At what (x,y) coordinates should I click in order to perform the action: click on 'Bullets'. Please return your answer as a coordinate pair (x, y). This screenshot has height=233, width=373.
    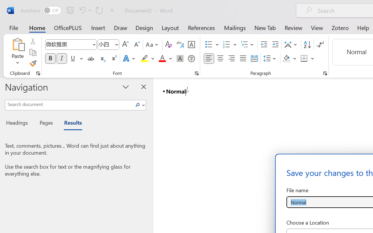
    Looking at the image, I should click on (212, 45).